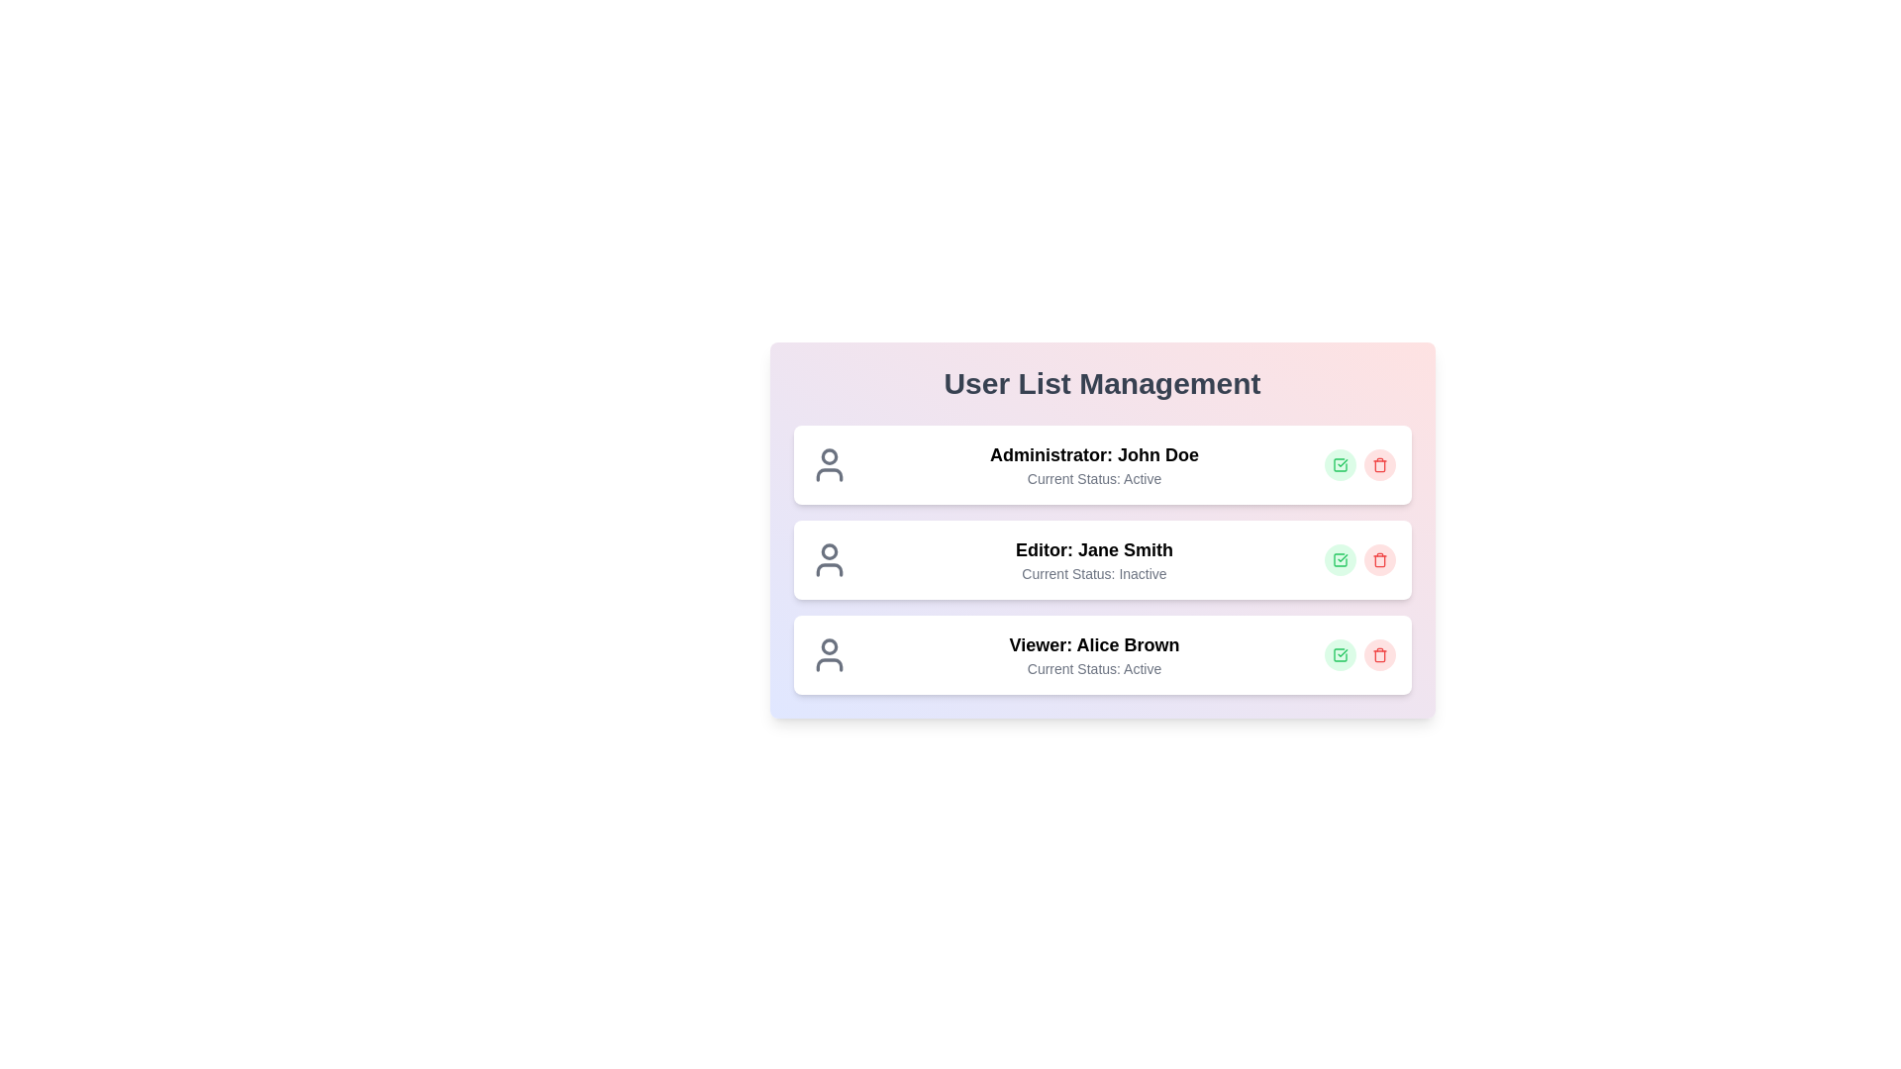 Image resolution: width=1901 pixels, height=1069 pixels. Describe the element at coordinates (1093, 560) in the screenshot. I see `the text display component labeled 'Editor: Jane Smith' that shows the current status as 'Inactive'` at that location.